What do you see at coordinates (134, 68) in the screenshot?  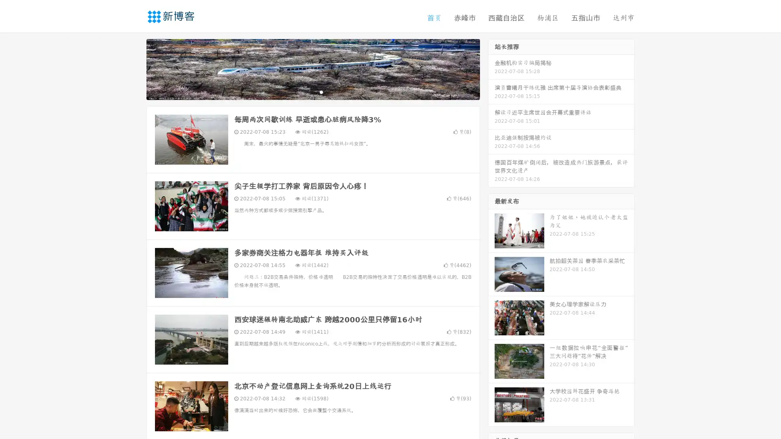 I see `Previous slide` at bounding box center [134, 68].